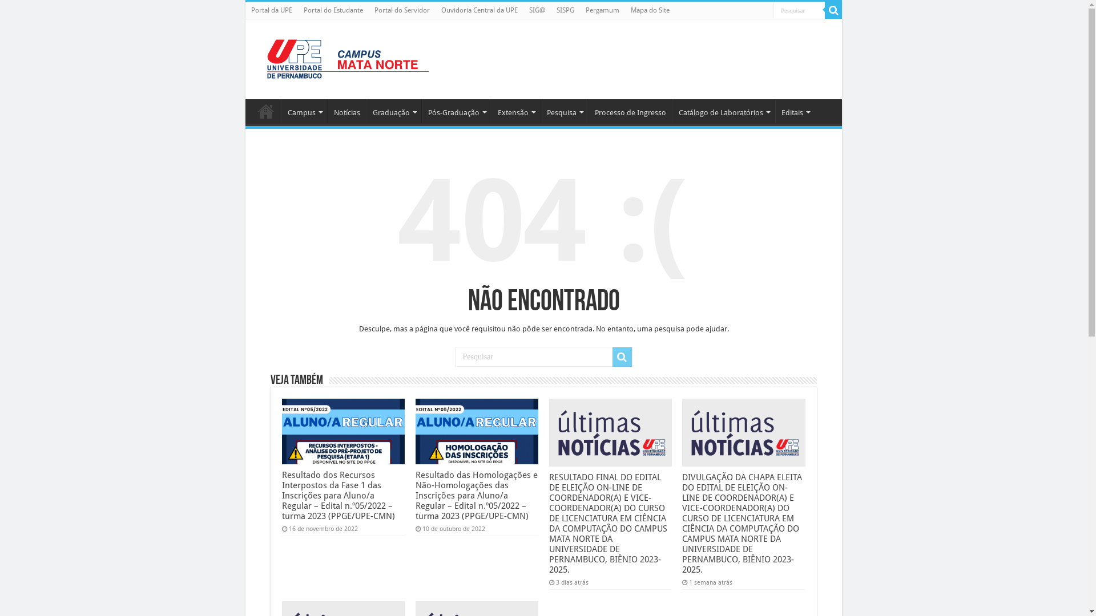  What do you see at coordinates (369, 10) in the screenshot?
I see `'Portal do Servidor'` at bounding box center [369, 10].